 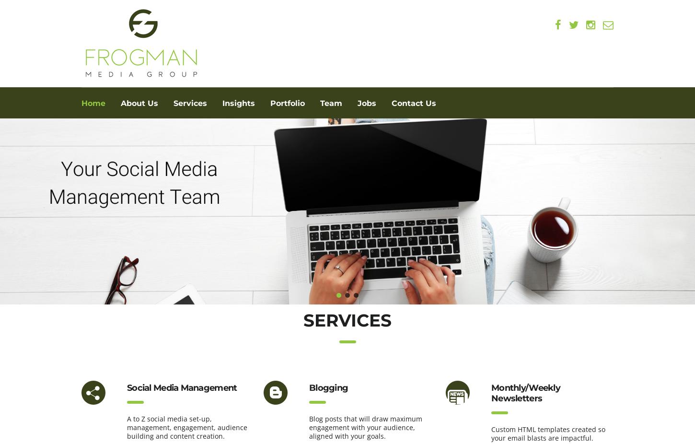 I want to click on 'Contact Us', so click(x=413, y=103).